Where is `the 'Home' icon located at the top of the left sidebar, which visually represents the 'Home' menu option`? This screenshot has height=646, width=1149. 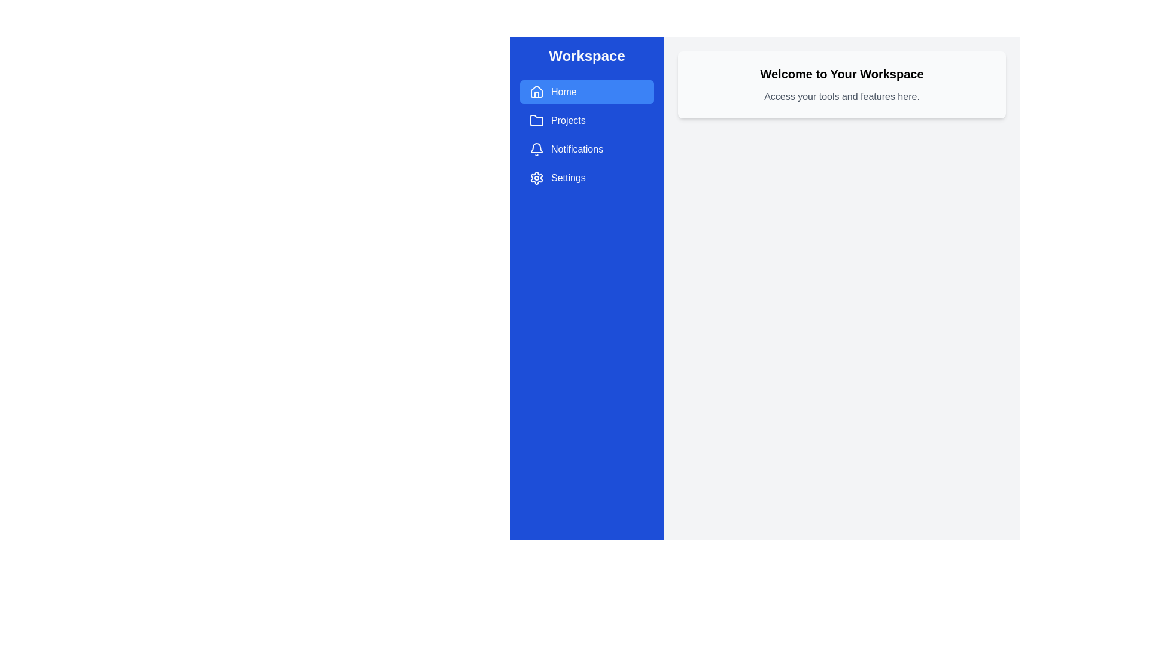
the 'Home' icon located at the top of the left sidebar, which visually represents the 'Home' menu option is located at coordinates (536, 92).